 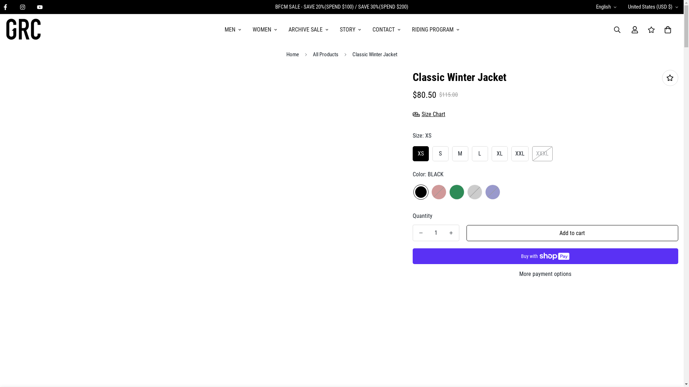 I want to click on 'RIDING PROGRAM', so click(x=435, y=29).